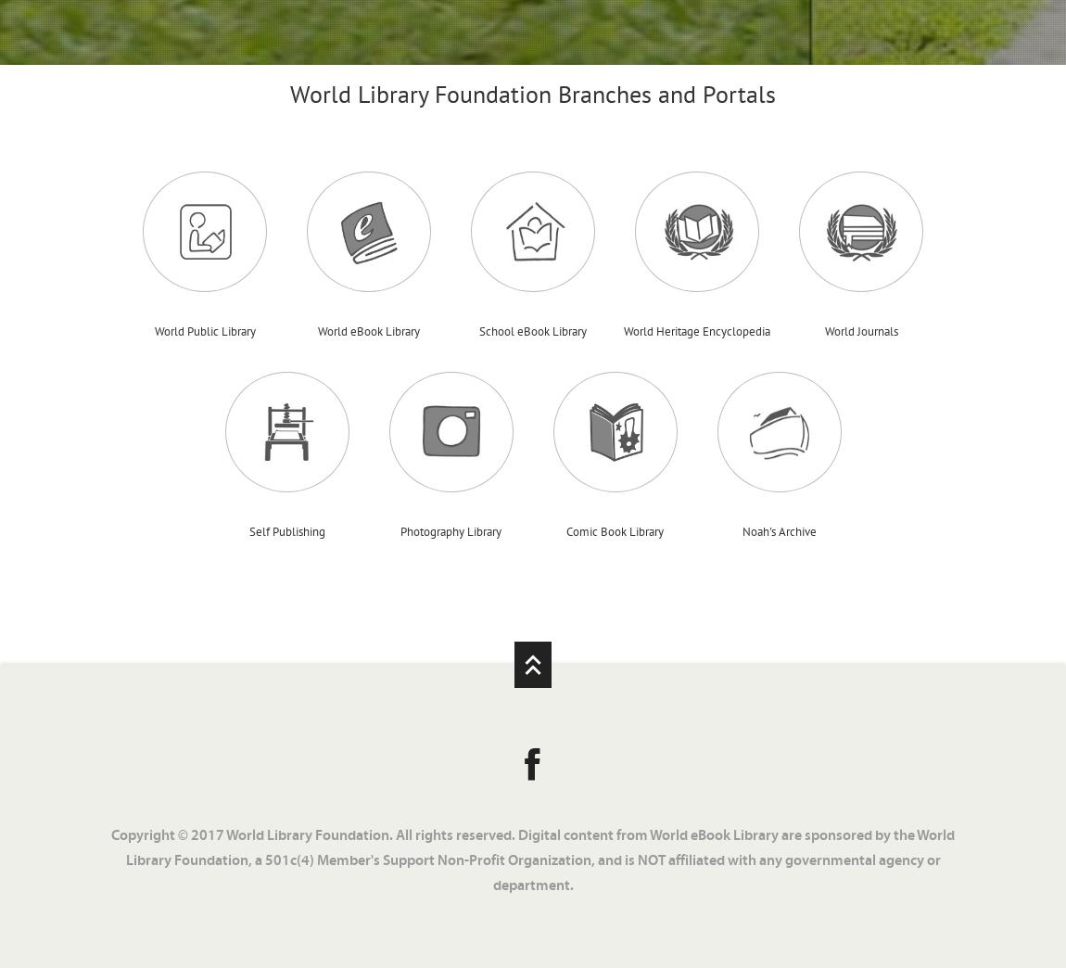 This screenshot has height=968, width=1066. Describe the element at coordinates (203, 330) in the screenshot. I see `'World Public Library'` at that location.